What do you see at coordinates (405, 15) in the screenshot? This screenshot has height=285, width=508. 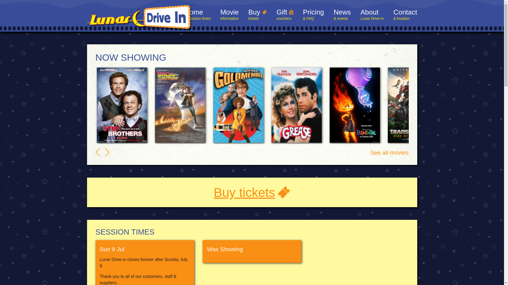 I see `'Contact` at bounding box center [405, 15].